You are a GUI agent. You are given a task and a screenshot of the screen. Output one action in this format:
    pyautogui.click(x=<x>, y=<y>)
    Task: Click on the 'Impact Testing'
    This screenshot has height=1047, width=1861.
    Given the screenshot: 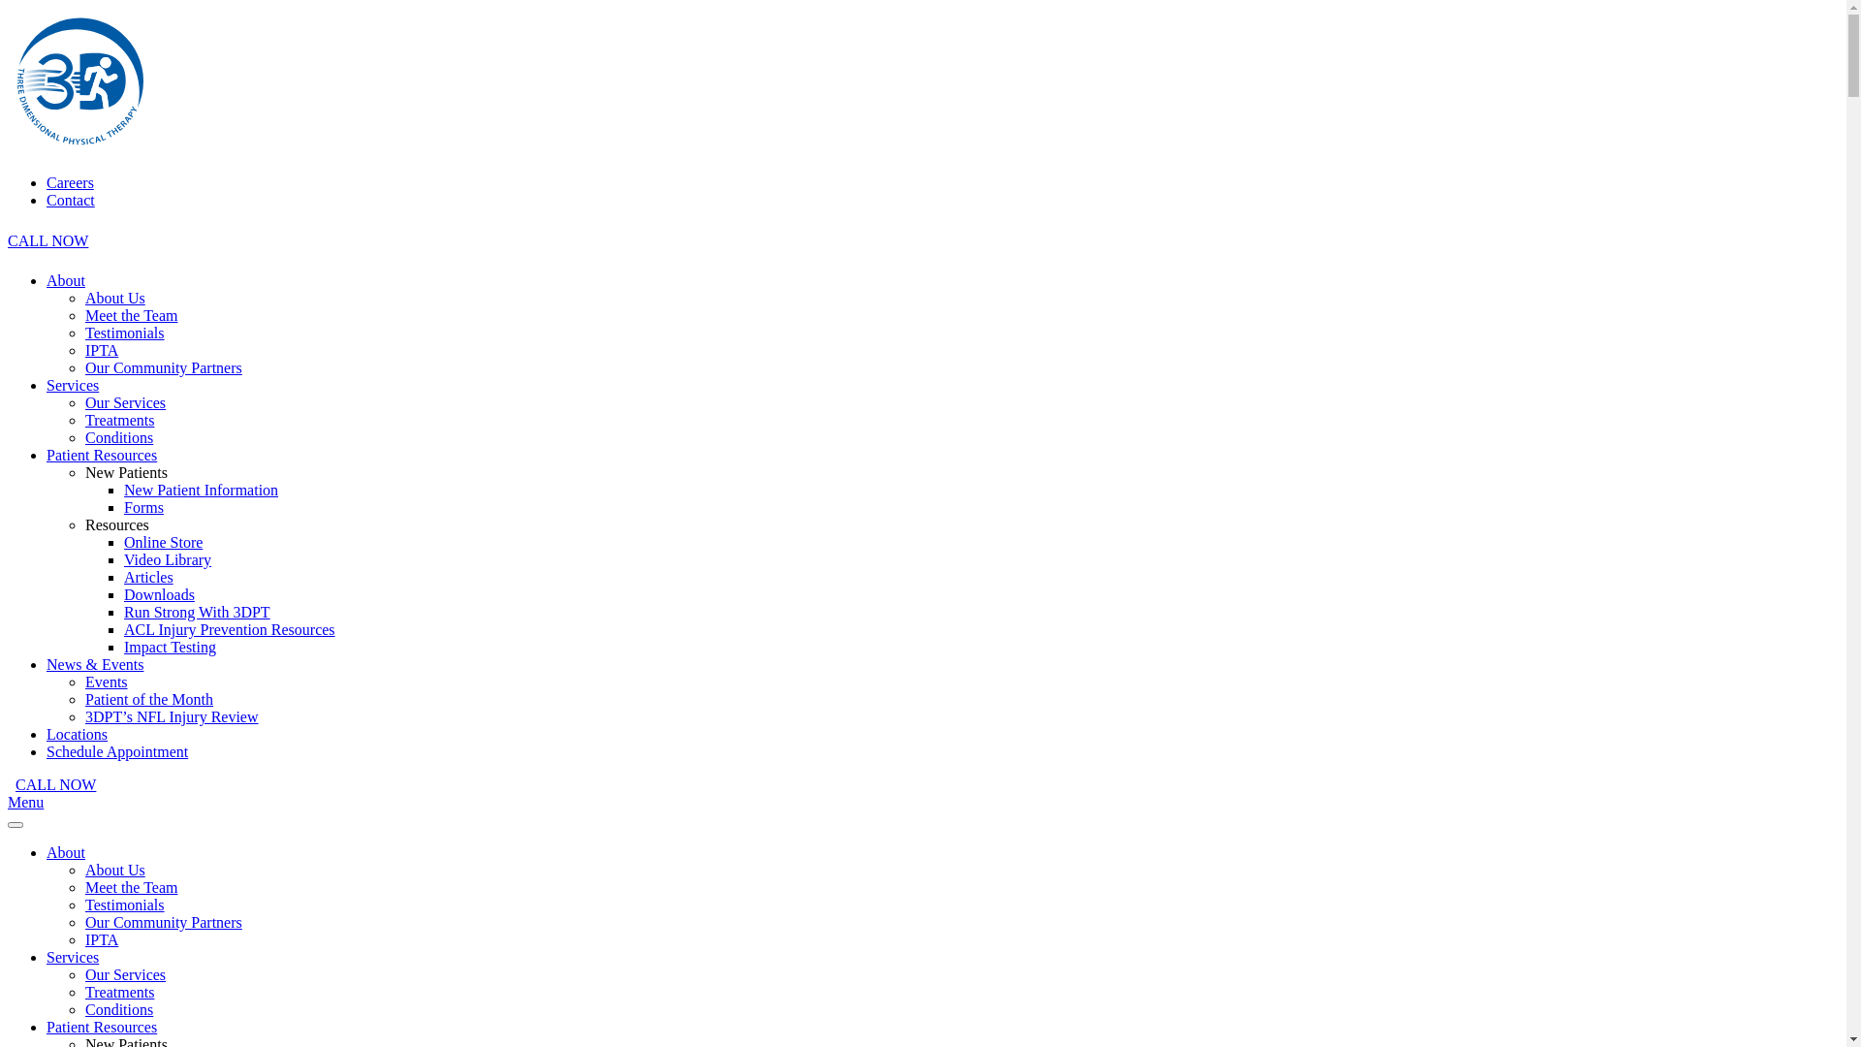 What is the action you would take?
    pyautogui.click(x=170, y=647)
    